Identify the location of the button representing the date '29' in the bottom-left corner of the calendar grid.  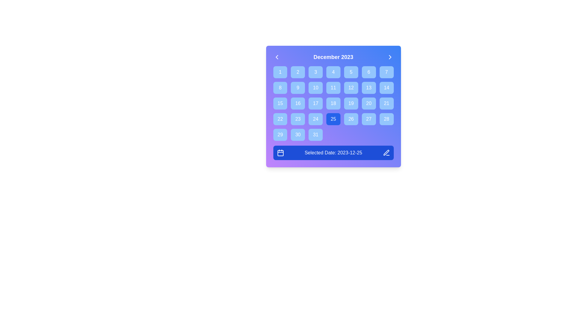
(280, 134).